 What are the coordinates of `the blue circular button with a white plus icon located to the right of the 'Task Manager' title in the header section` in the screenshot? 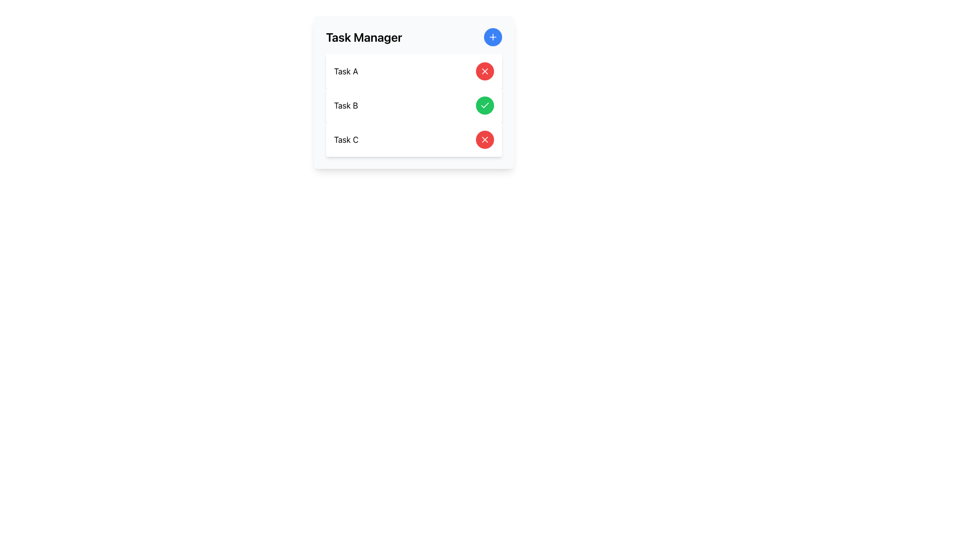 It's located at (493, 36).